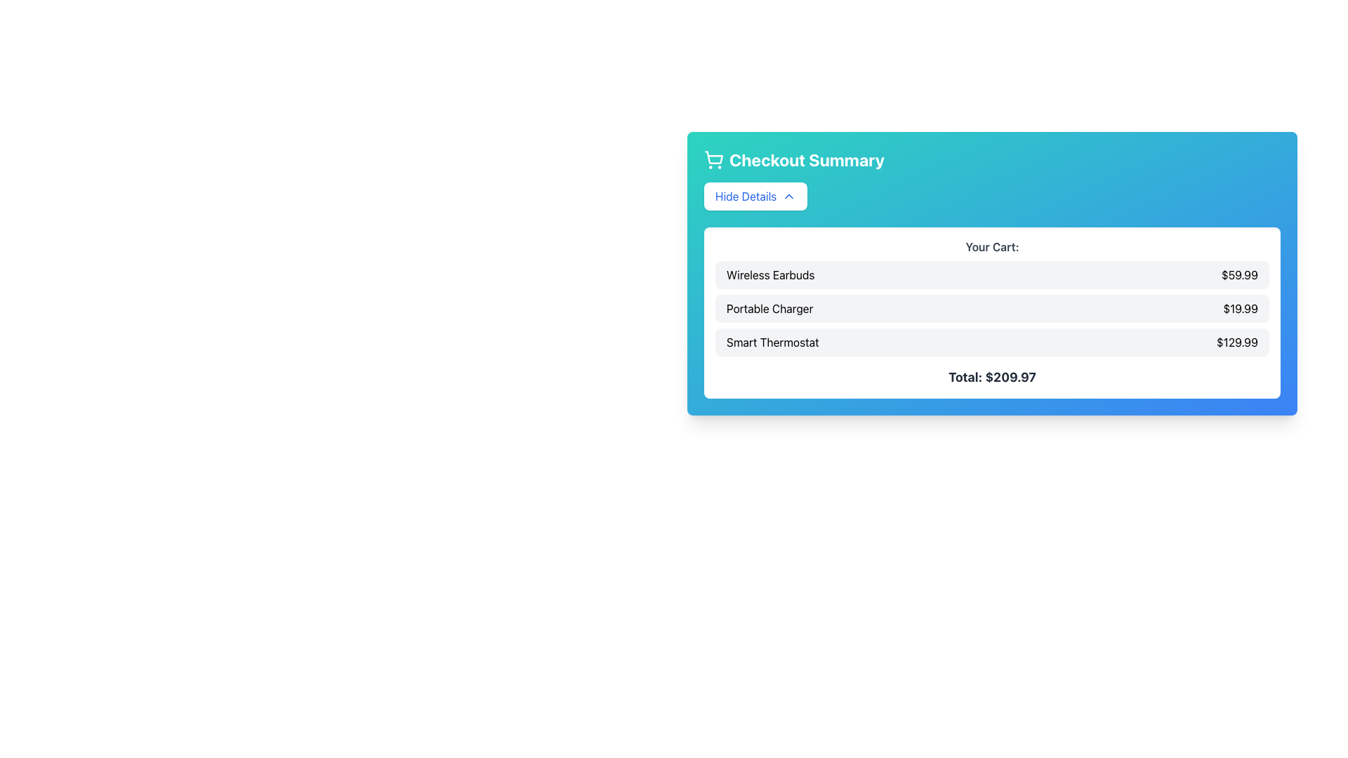  Describe the element at coordinates (789, 197) in the screenshot. I see `the upward-facing chevron icon within the 'Hide Details' button, which is located at the top-left corner of the checkout summary card` at that location.